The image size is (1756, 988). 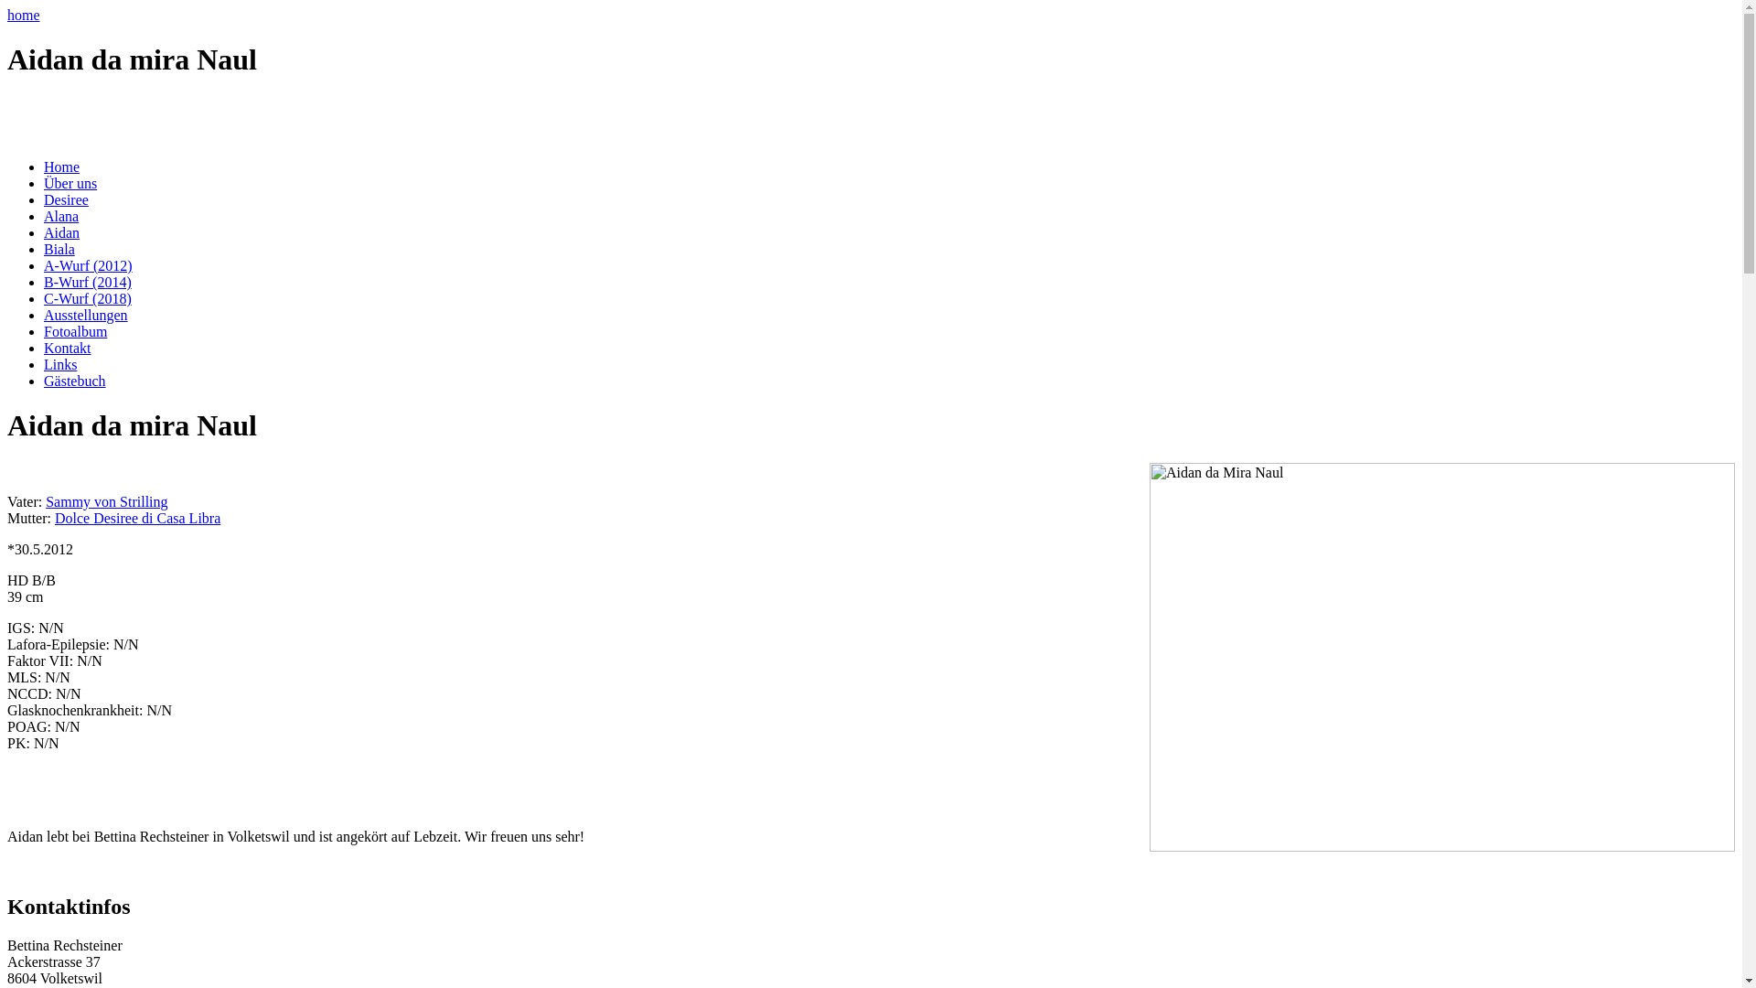 I want to click on 'Home', so click(x=61, y=166).